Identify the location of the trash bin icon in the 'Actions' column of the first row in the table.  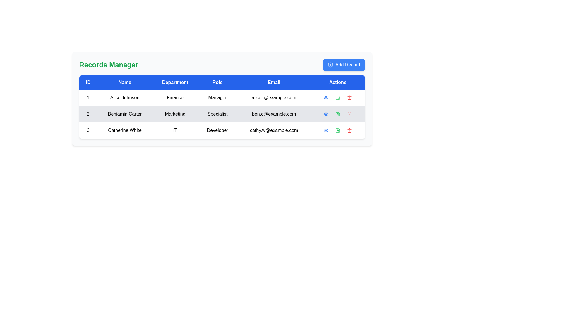
(349, 97).